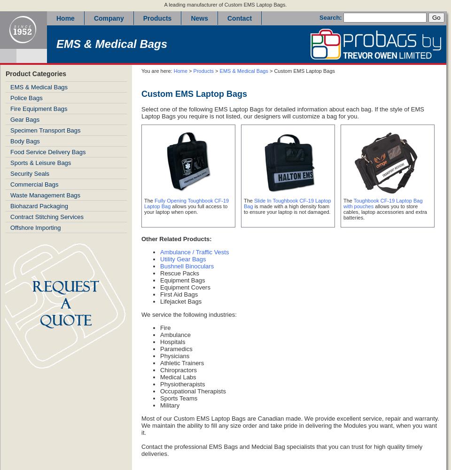  I want to click on 'Commercial Bags', so click(34, 184).